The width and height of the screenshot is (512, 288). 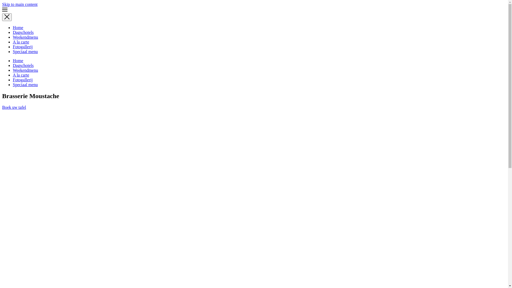 I want to click on 'Skip to main content', so click(x=2, y=4).